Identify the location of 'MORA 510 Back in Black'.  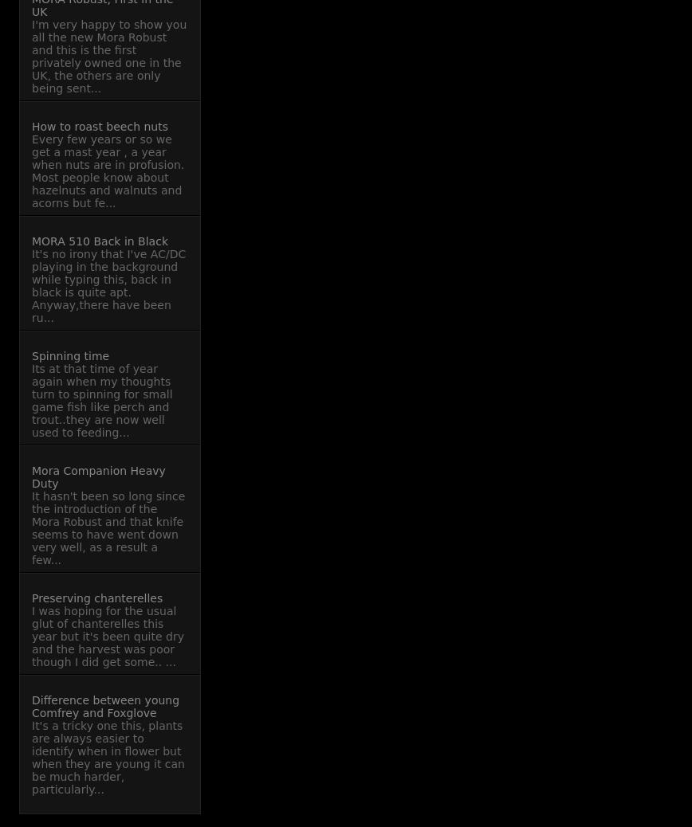
(99, 241).